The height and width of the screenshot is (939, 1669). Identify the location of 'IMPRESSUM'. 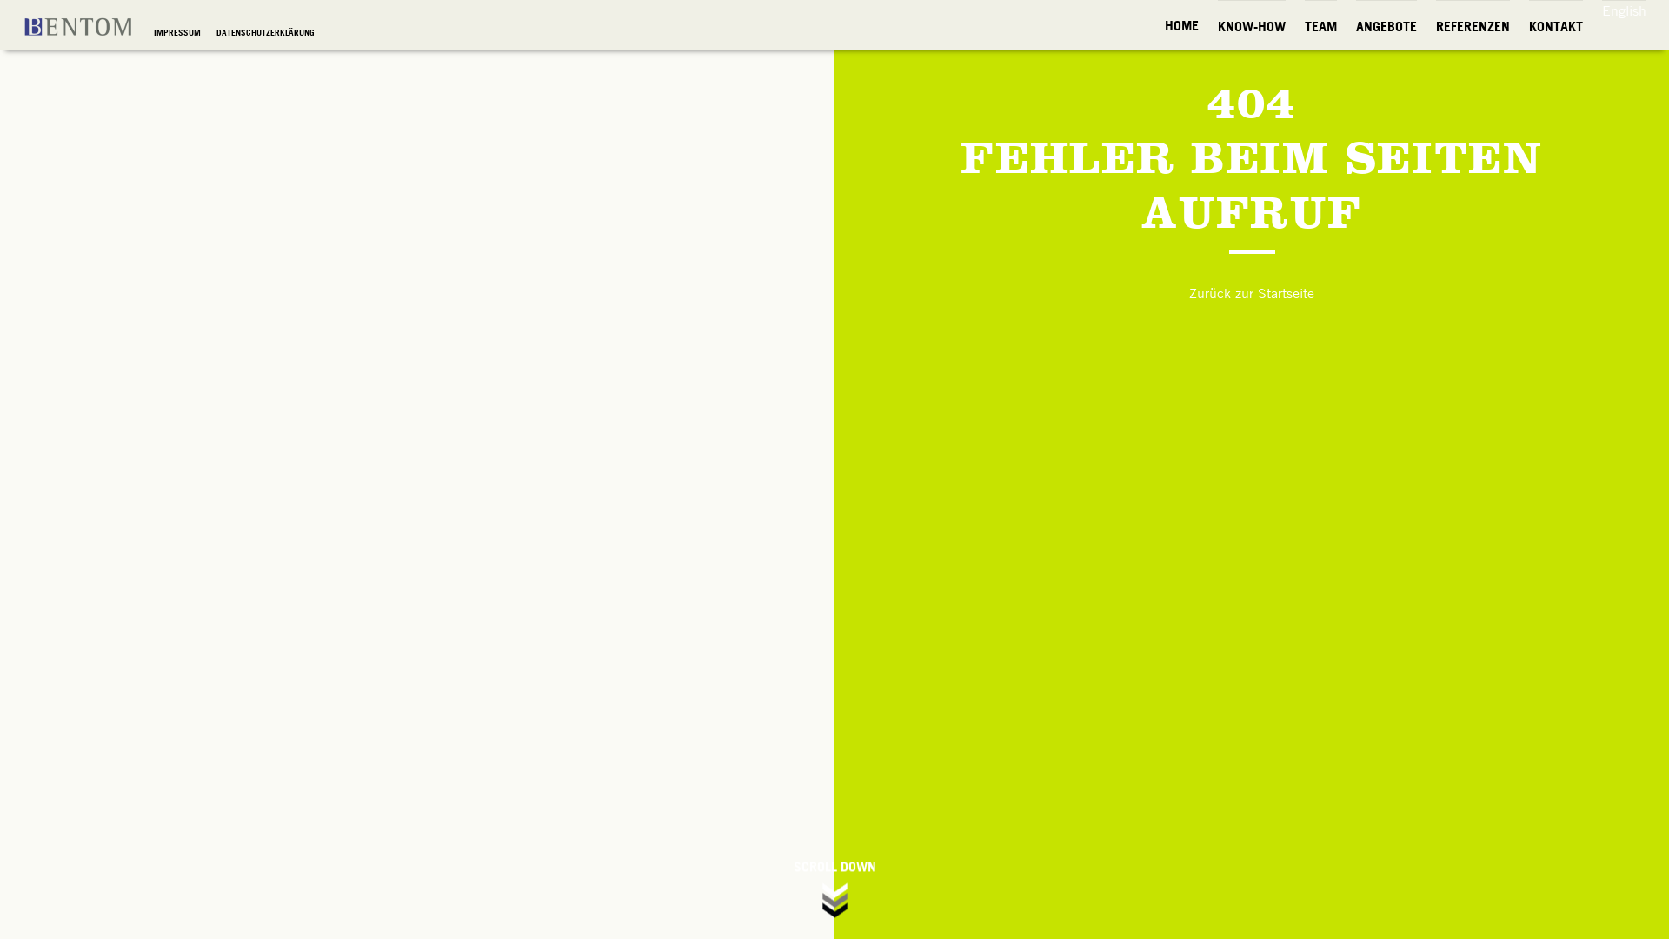
(178, 32).